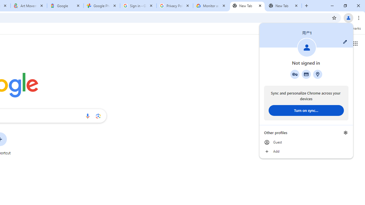  What do you see at coordinates (345, 132) in the screenshot?
I see `'Manage profiles'` at bounding box center [345, 132].